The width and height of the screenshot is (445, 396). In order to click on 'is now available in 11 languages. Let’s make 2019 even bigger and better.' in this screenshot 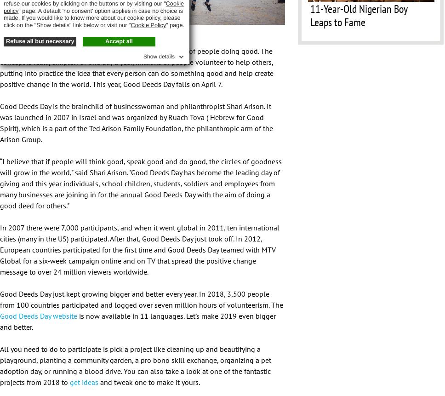, I will do `click(137, 321)`.